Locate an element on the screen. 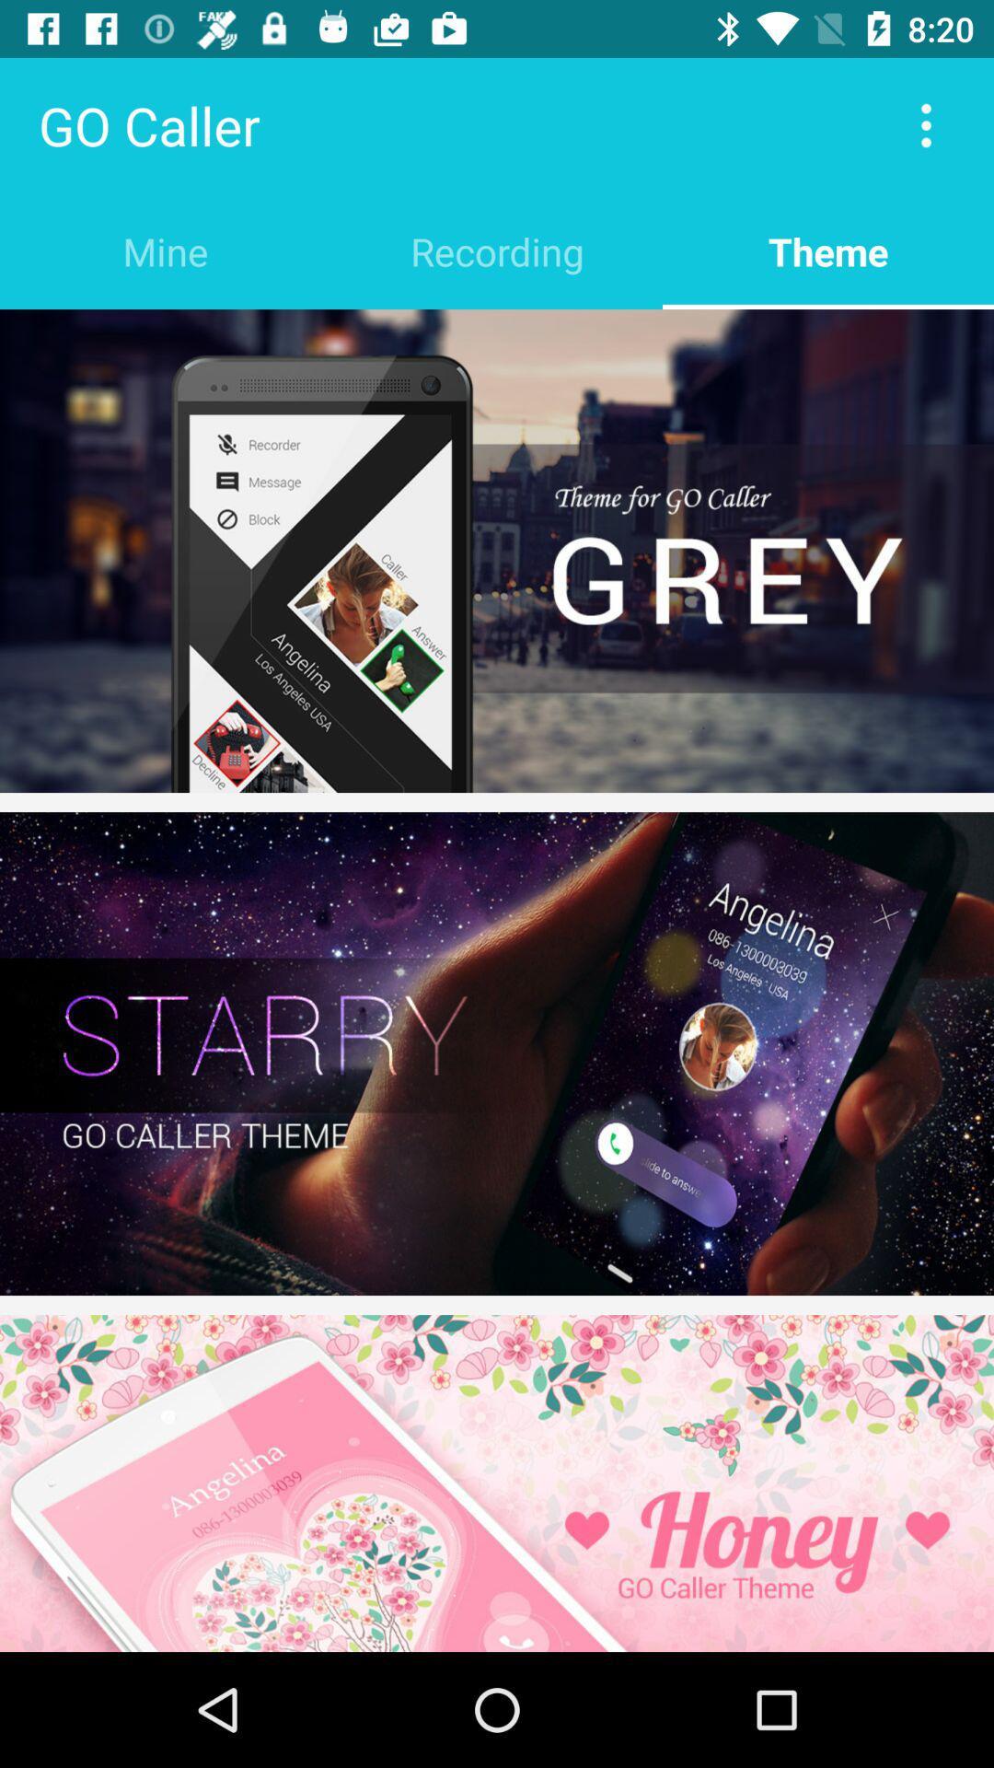 The image size is (994, 1768). the recording is located at coordinates (497, 250).